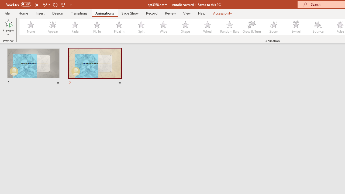  I want to click on 'Preview', so click(8, 28).